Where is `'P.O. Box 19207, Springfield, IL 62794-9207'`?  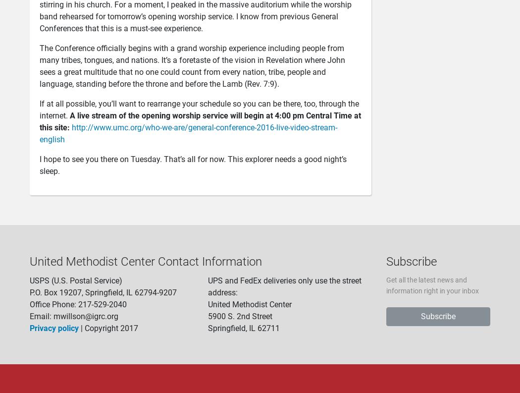 'P.O. Box 19207, Springfield, IL 62794-9207' is located at coordinates (29, 292).